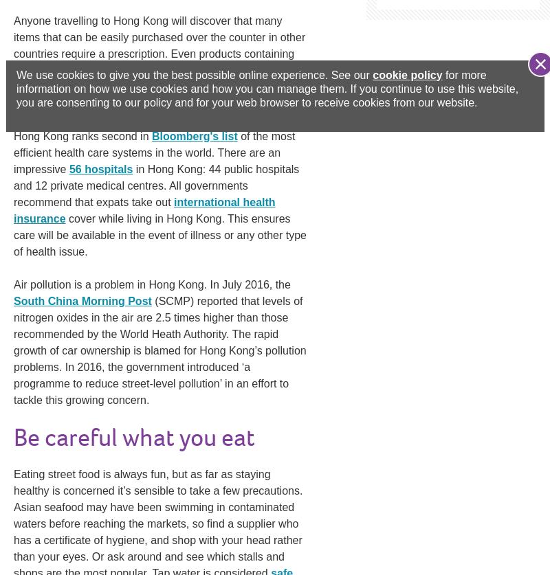  What do you see at coordinates (100, 168) in the screenshot?
I see `'56 hospitals'` at bounding box center [100, 168].